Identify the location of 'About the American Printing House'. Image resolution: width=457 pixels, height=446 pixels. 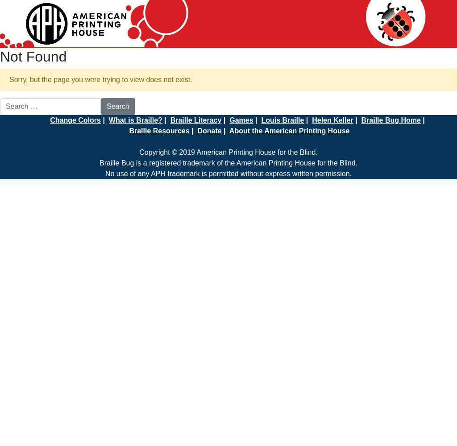
(288, 131).